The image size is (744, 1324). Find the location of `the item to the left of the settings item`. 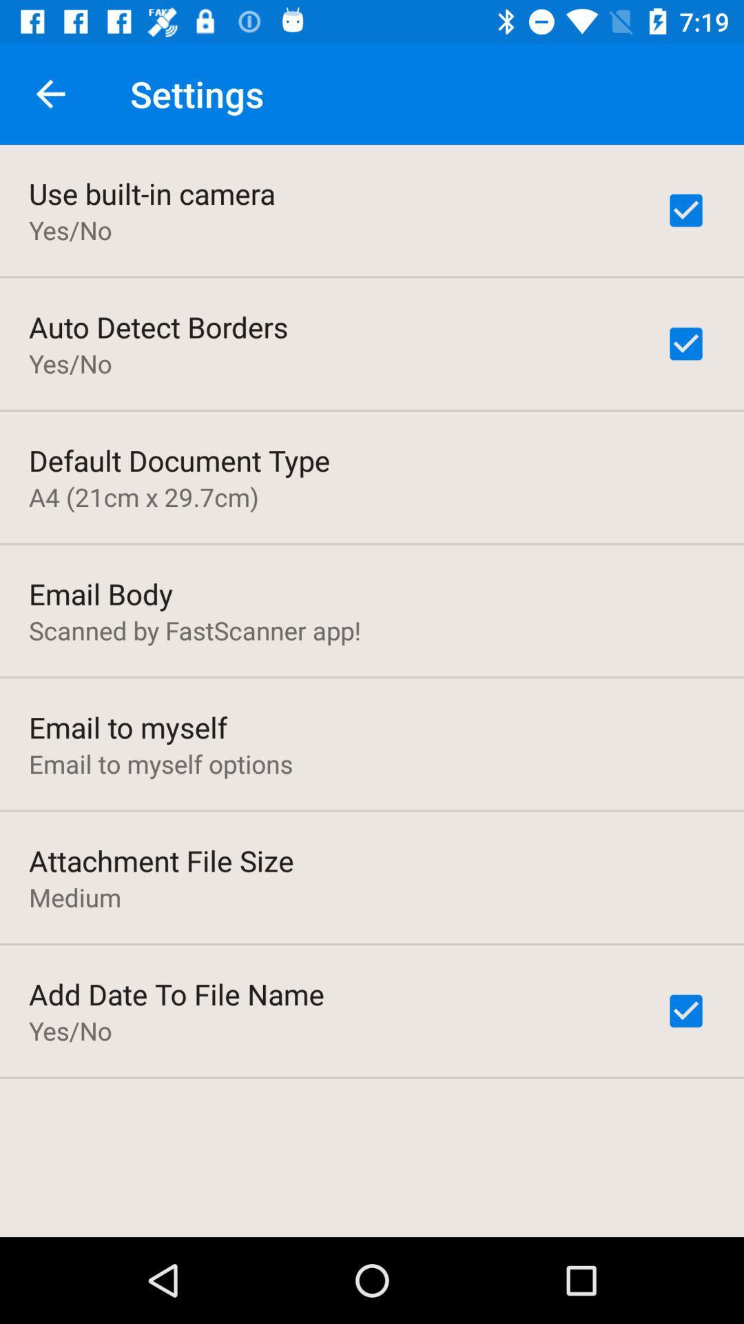

the item to the left of the settings item is located at coordinates (50, 93).